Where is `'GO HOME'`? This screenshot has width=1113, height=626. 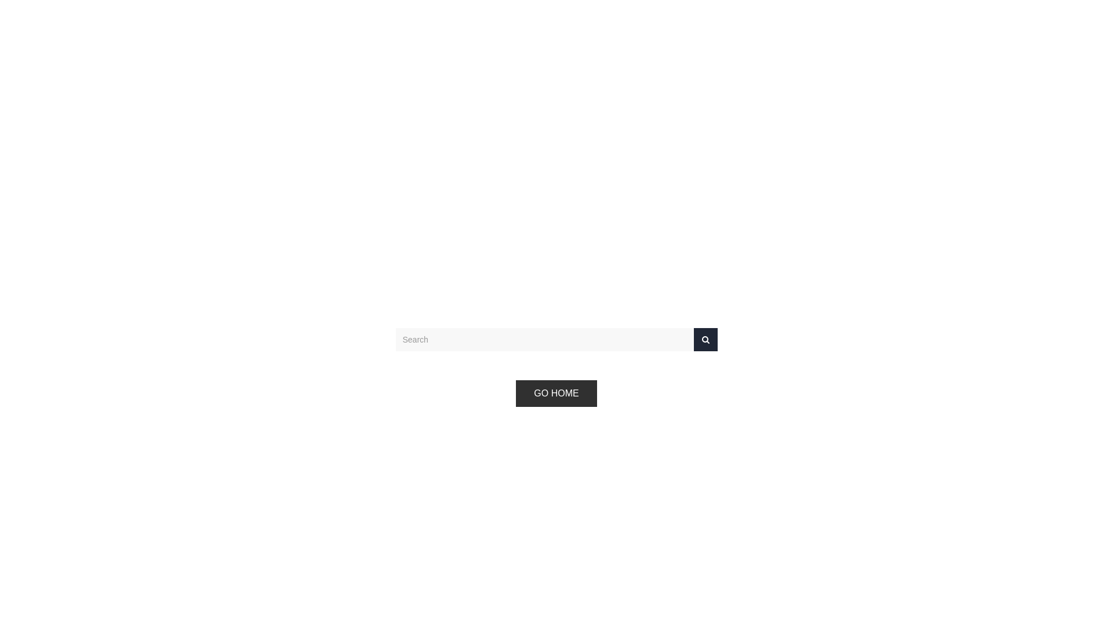
'GO HOME' is located at coordinates (555, 392).